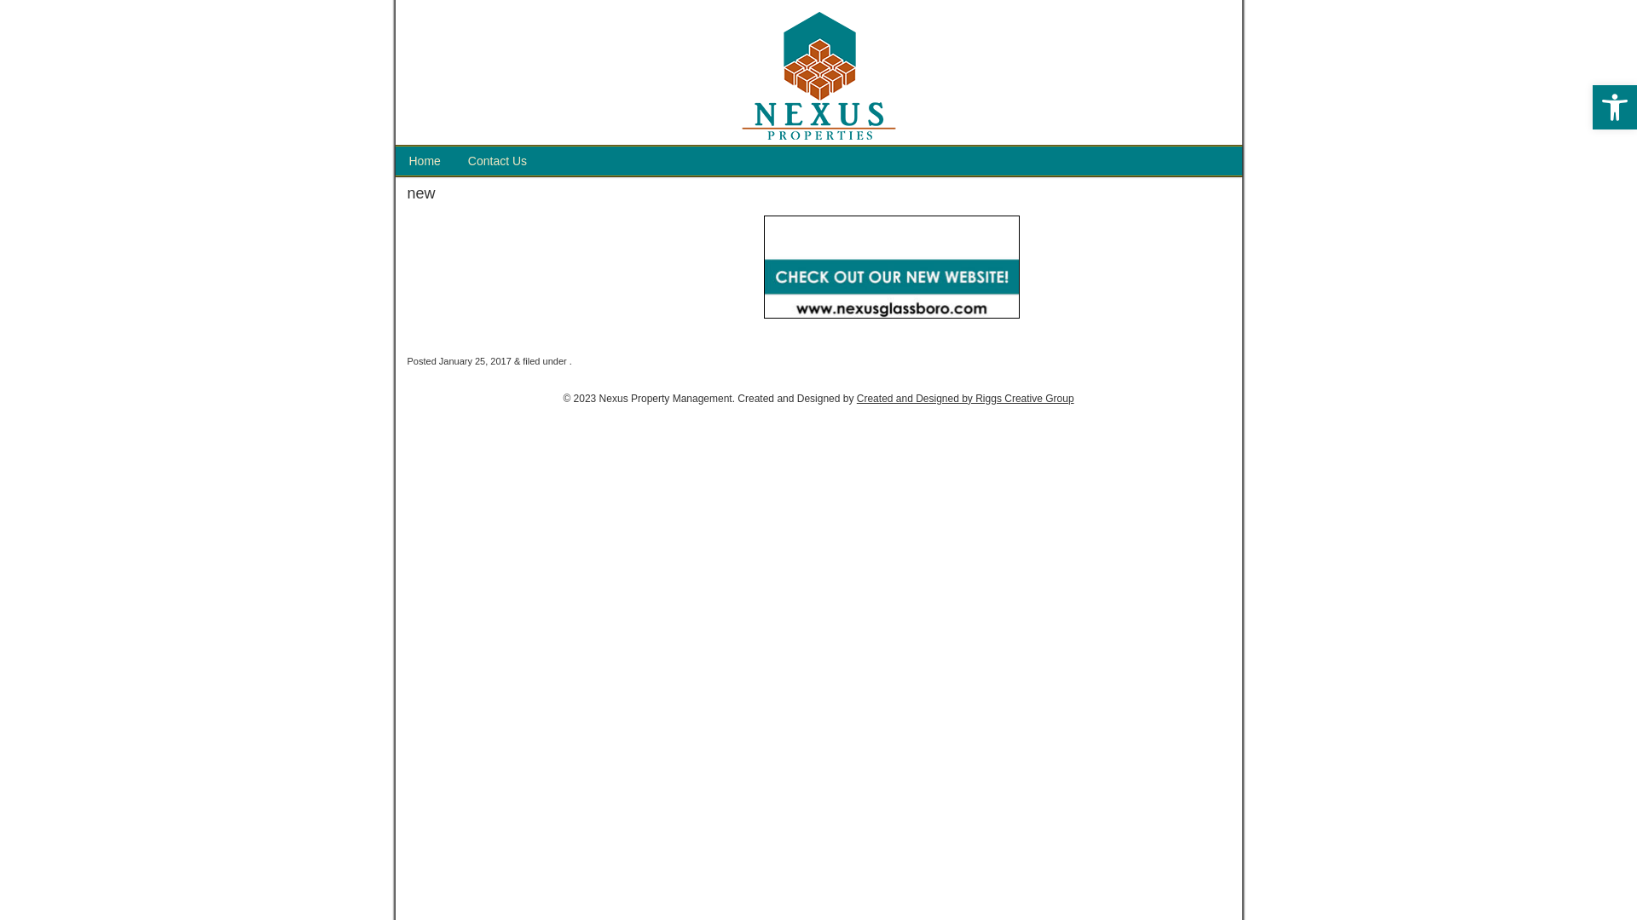  What do you see at coordinates (856, 398) in the screenshot?
I see `'Created and Designed by Riggs Creative Group'` at bounding box center [856, 398].